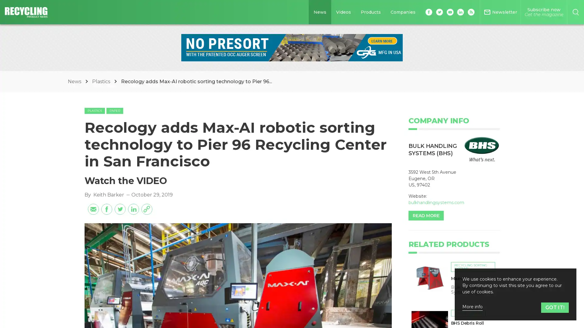 This screenshot has width=584, height=328. Describe the element at coordinates (555, 307) in the screenshot. I see `GOT IT!` at that location.